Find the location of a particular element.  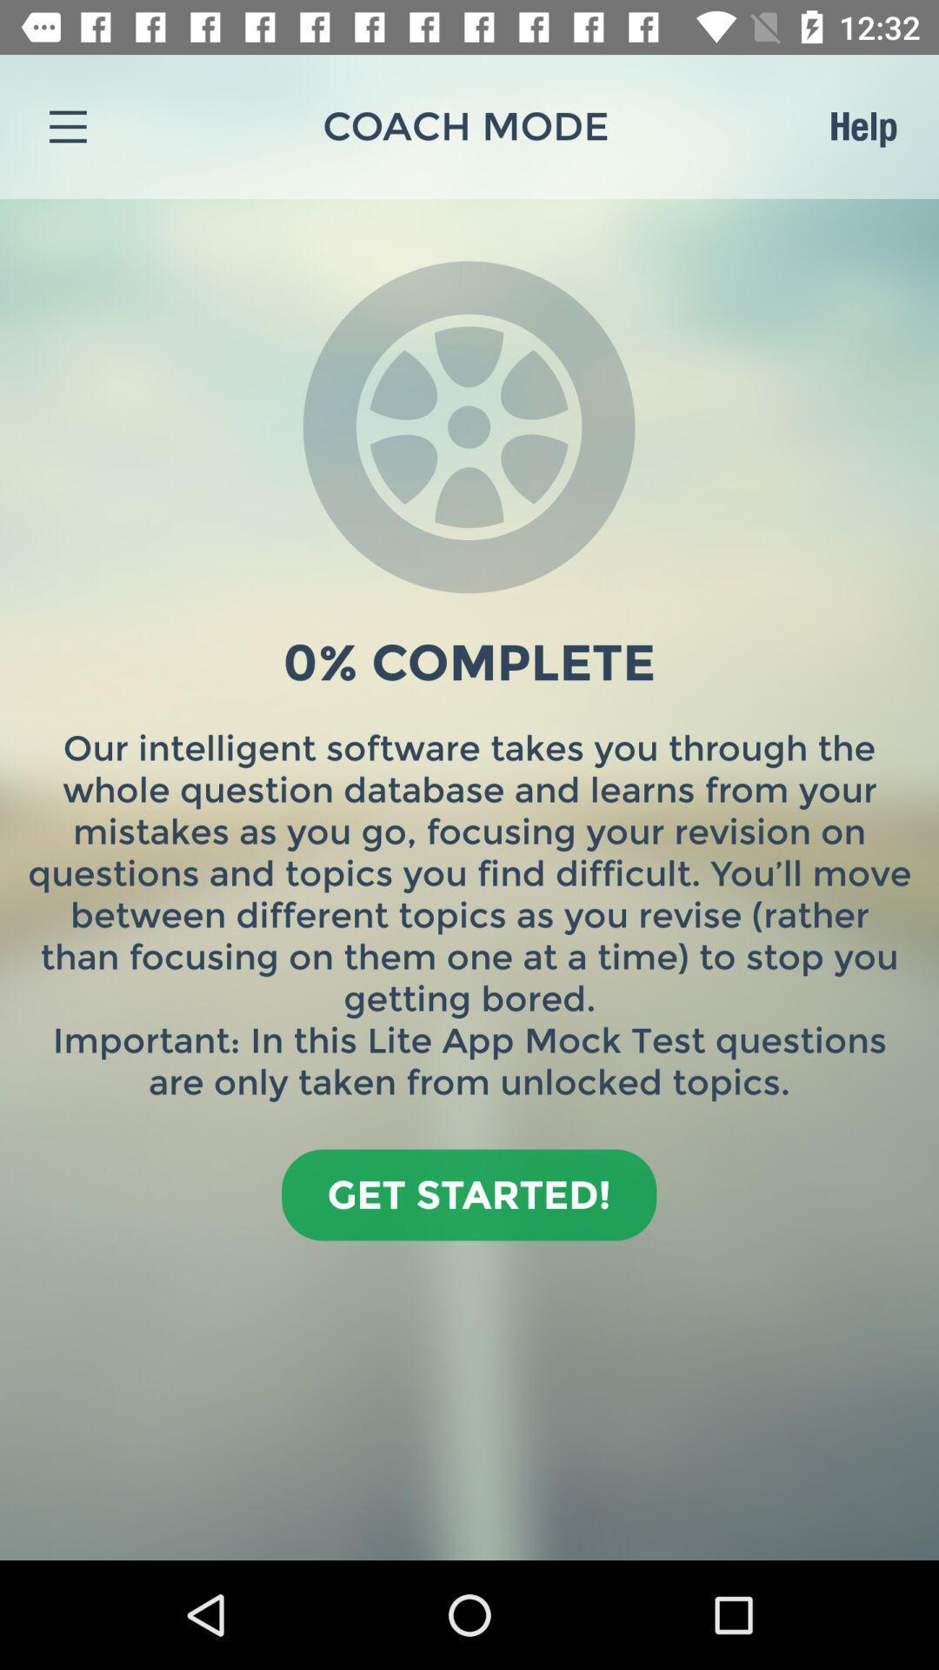

item to the right of coach mode icon is located at coordinates (862, 125).